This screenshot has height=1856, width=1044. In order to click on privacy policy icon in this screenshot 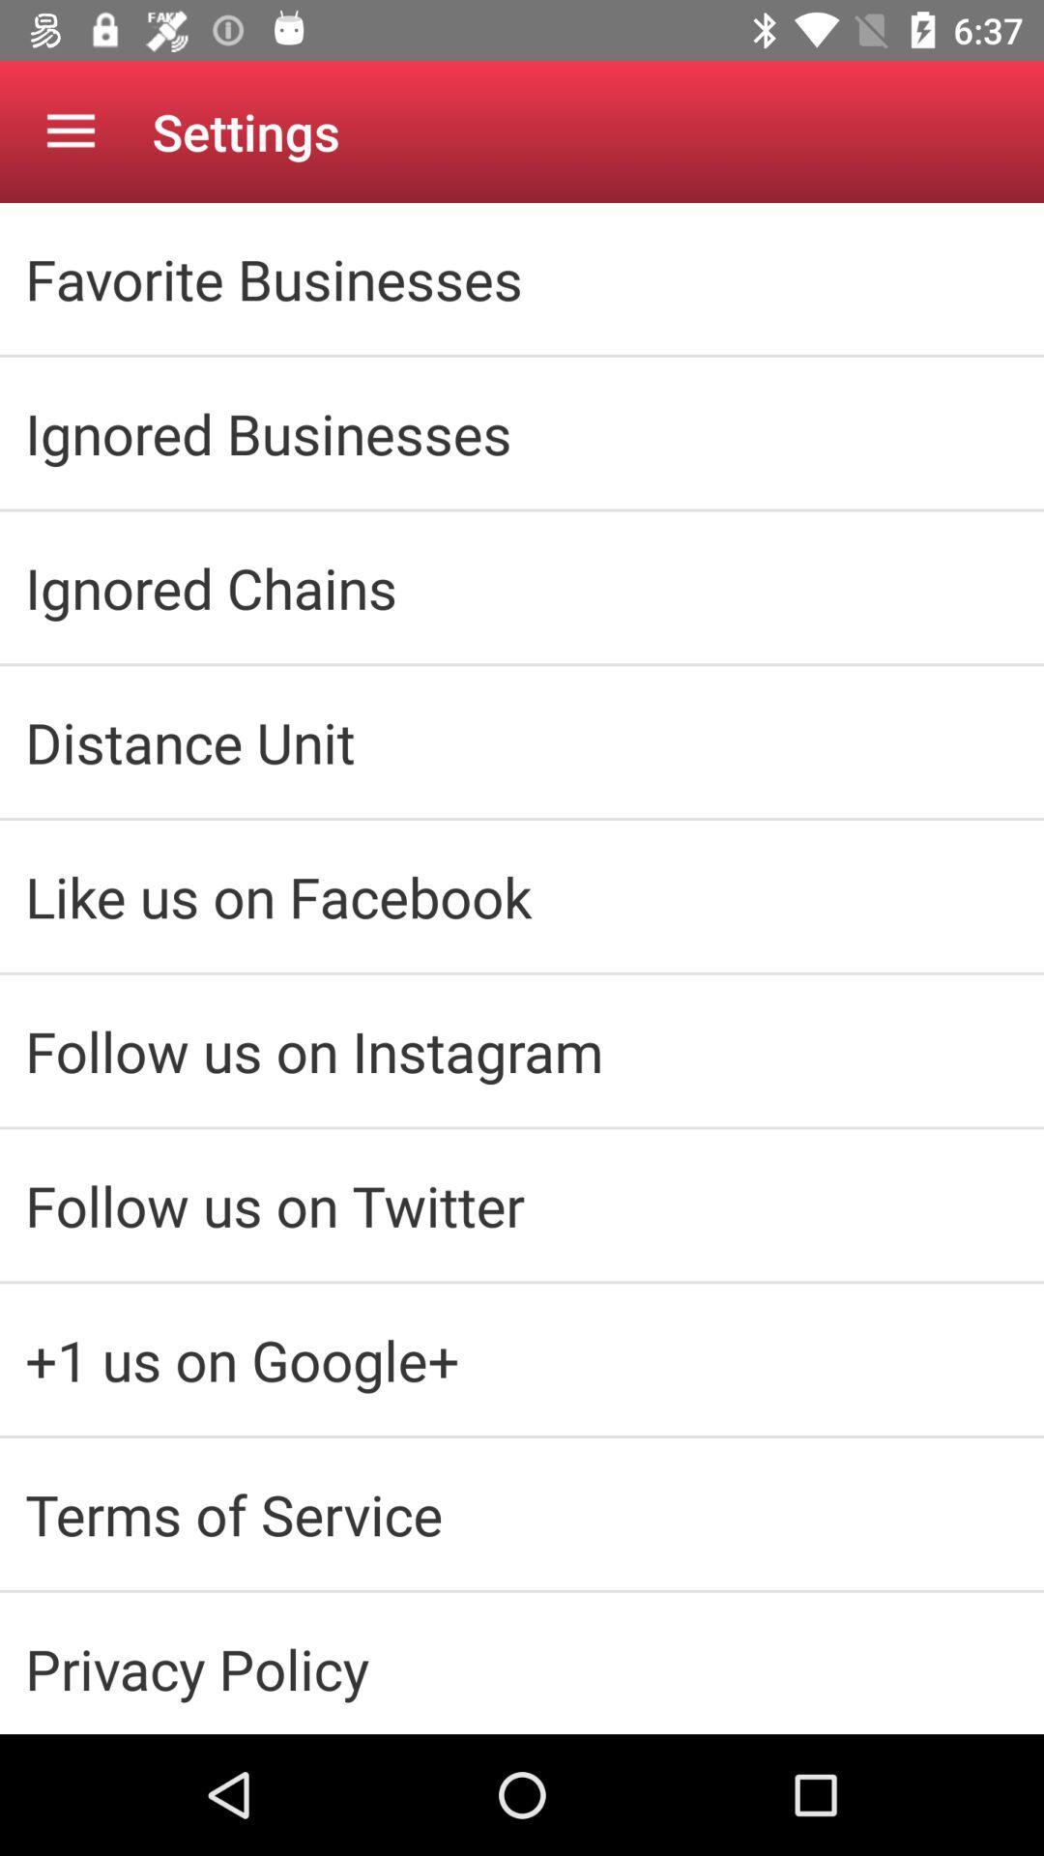, I will do `click(522, 1667)`.